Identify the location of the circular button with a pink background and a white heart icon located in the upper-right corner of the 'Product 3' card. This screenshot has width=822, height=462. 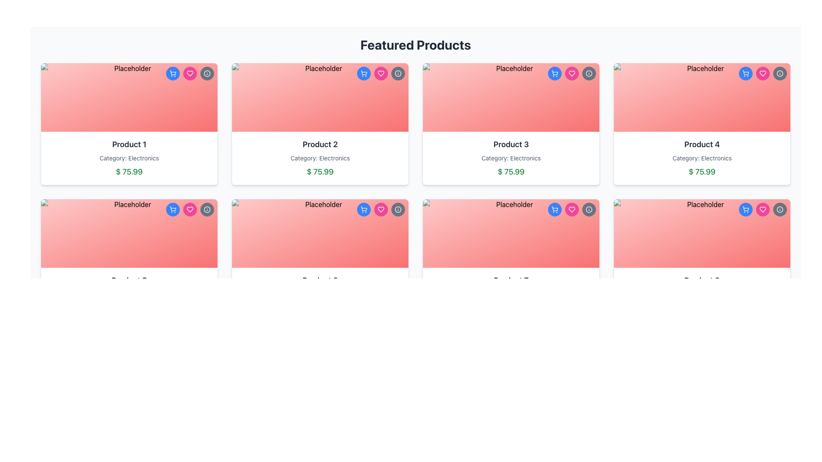
(572, 73).